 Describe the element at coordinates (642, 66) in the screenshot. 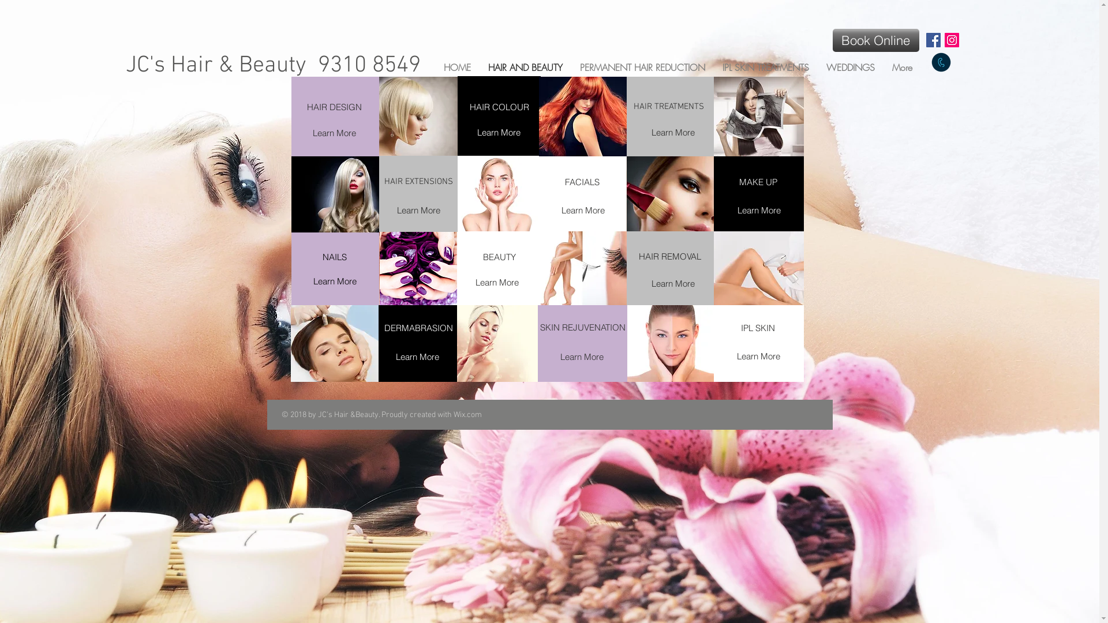

I see `'PERMANENT HAIR REDUCTION'` at that location.